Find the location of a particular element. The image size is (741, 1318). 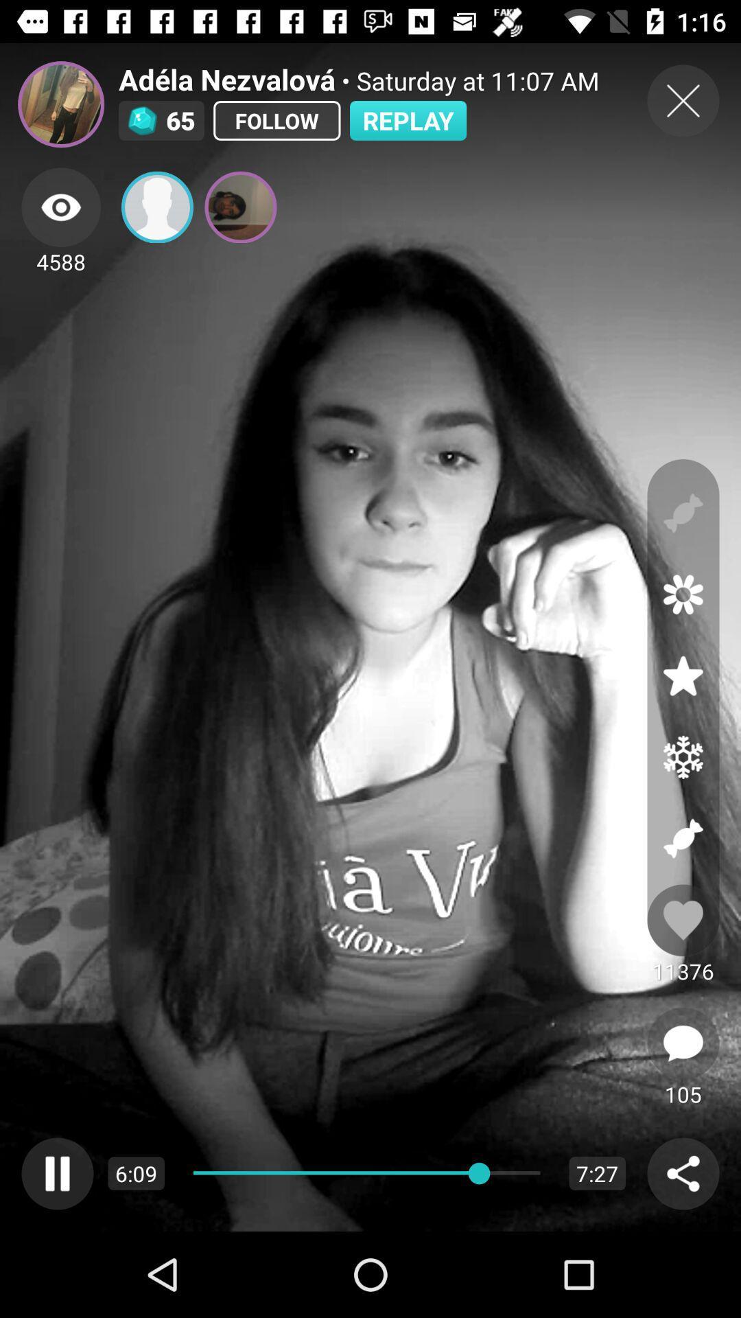

picture is located at coordinates (240, 207).